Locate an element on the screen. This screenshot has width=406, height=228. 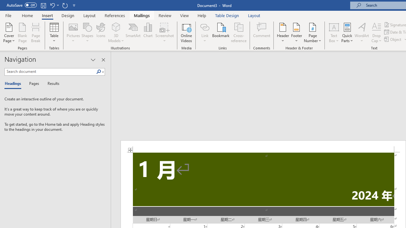
'Comment' is located at coordinates (262, 33).